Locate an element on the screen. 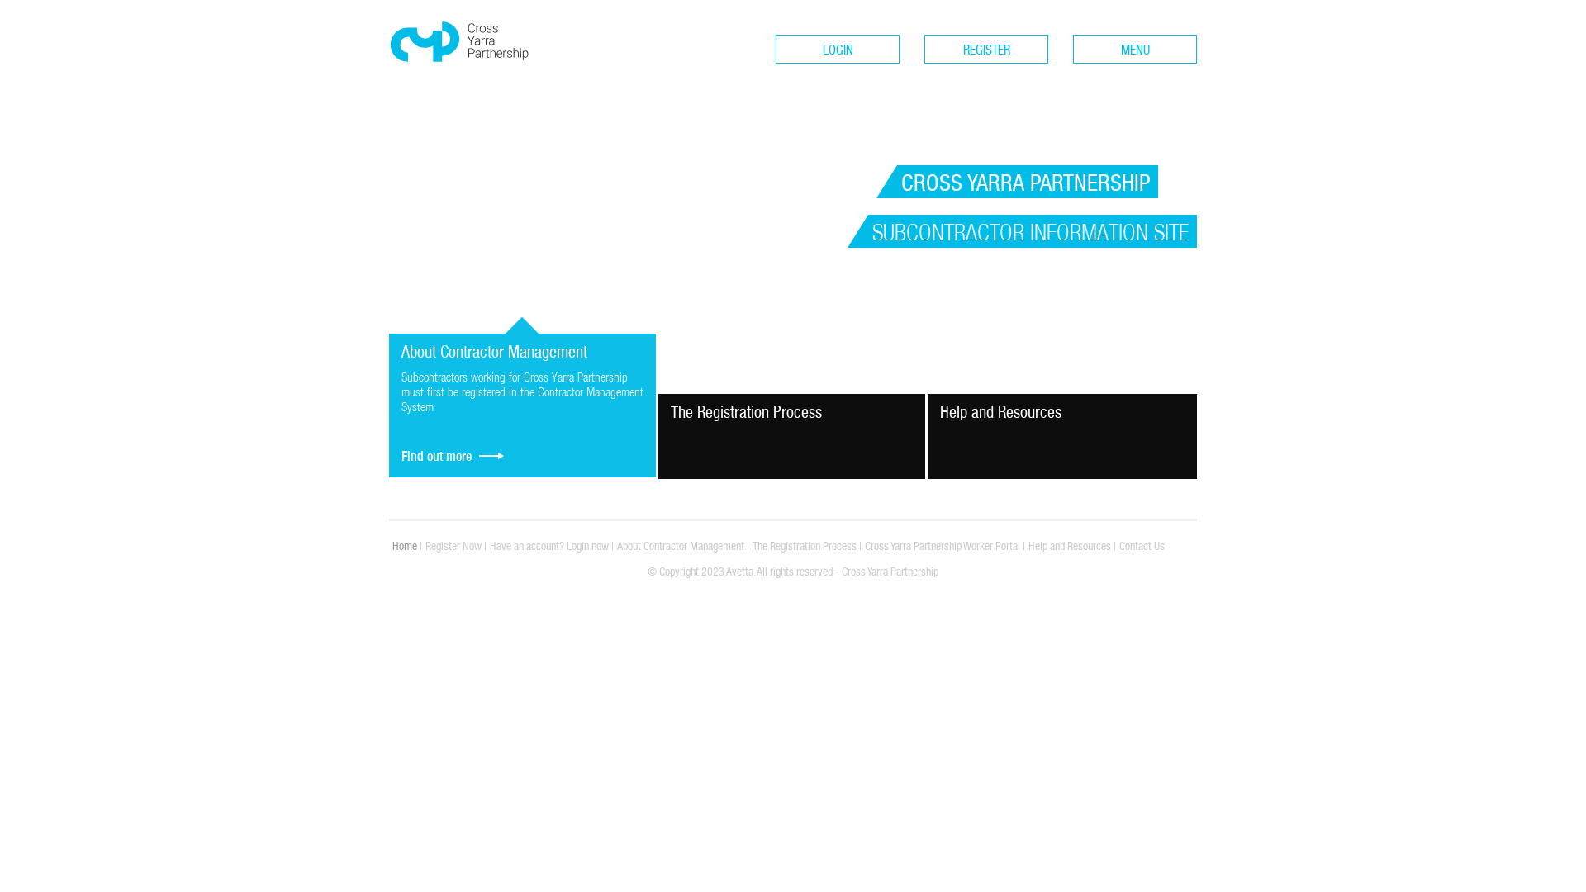  'Cross Yarra Partnership Worker Portal' is located at coordinates (943, 545).